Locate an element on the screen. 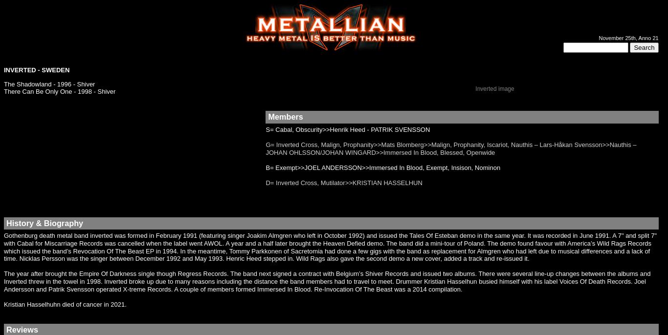  'S= Cabal, Obscurity>>Henrik Heed - PATRIK SVENSSON' is located at coordinates (348, 128).